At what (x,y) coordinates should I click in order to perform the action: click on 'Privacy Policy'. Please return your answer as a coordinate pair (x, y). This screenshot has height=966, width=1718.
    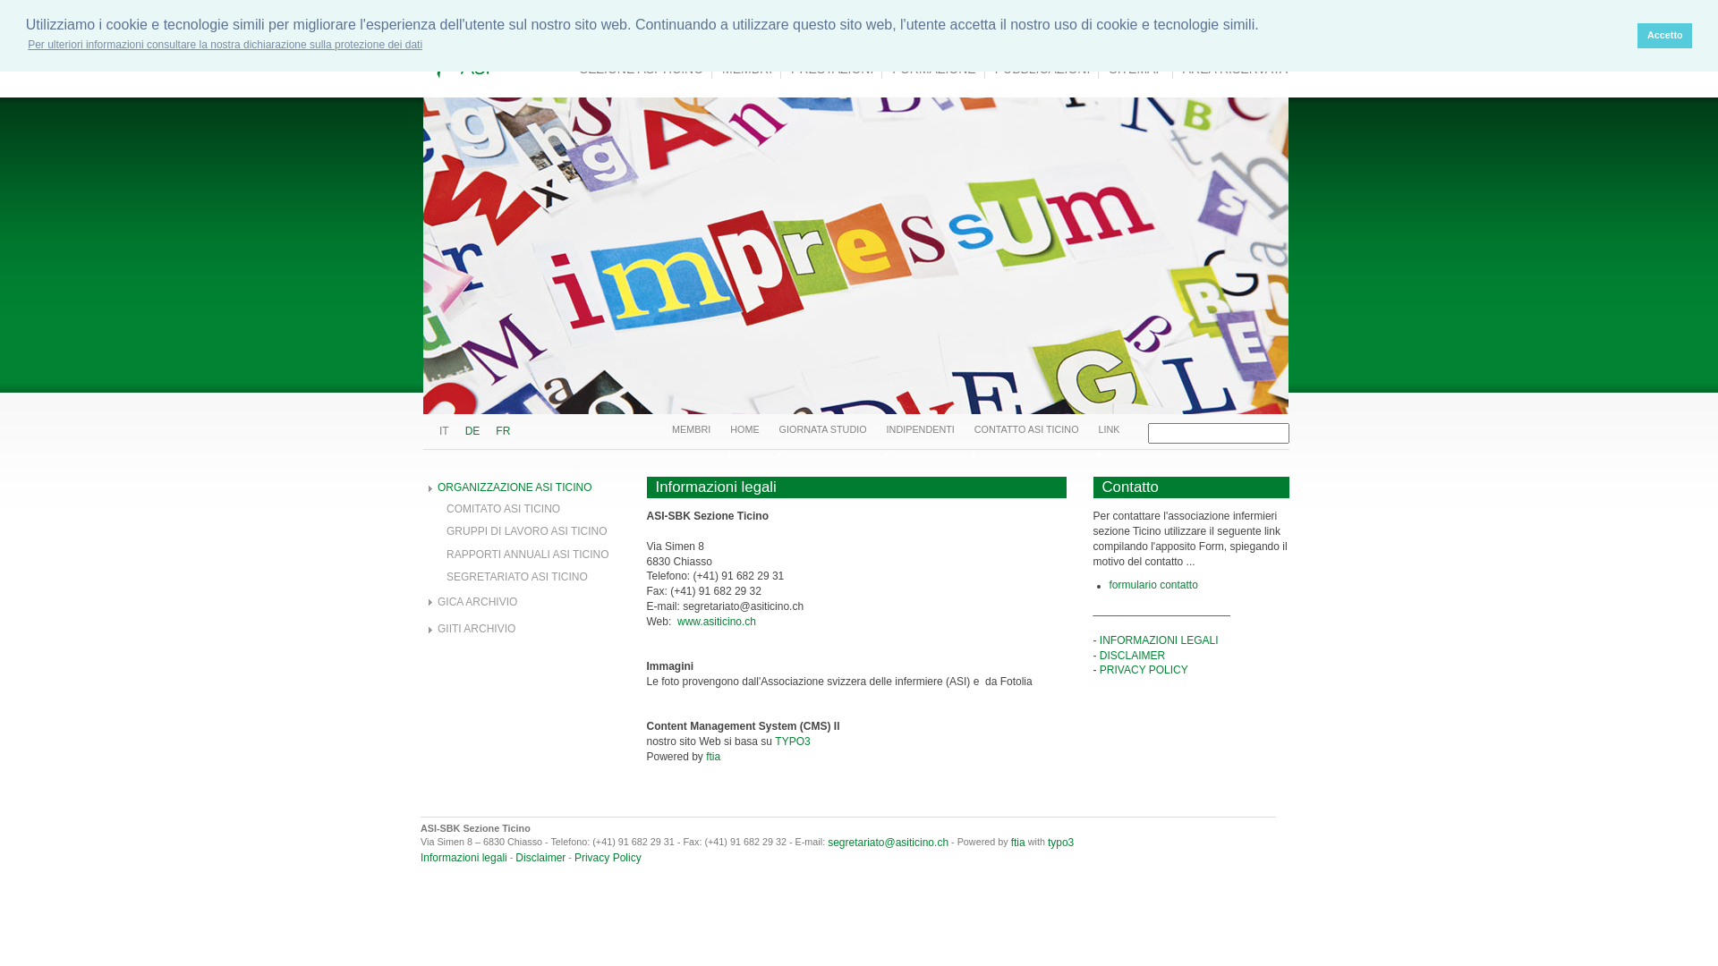
    Looking at the image, I should click on (608, 857).